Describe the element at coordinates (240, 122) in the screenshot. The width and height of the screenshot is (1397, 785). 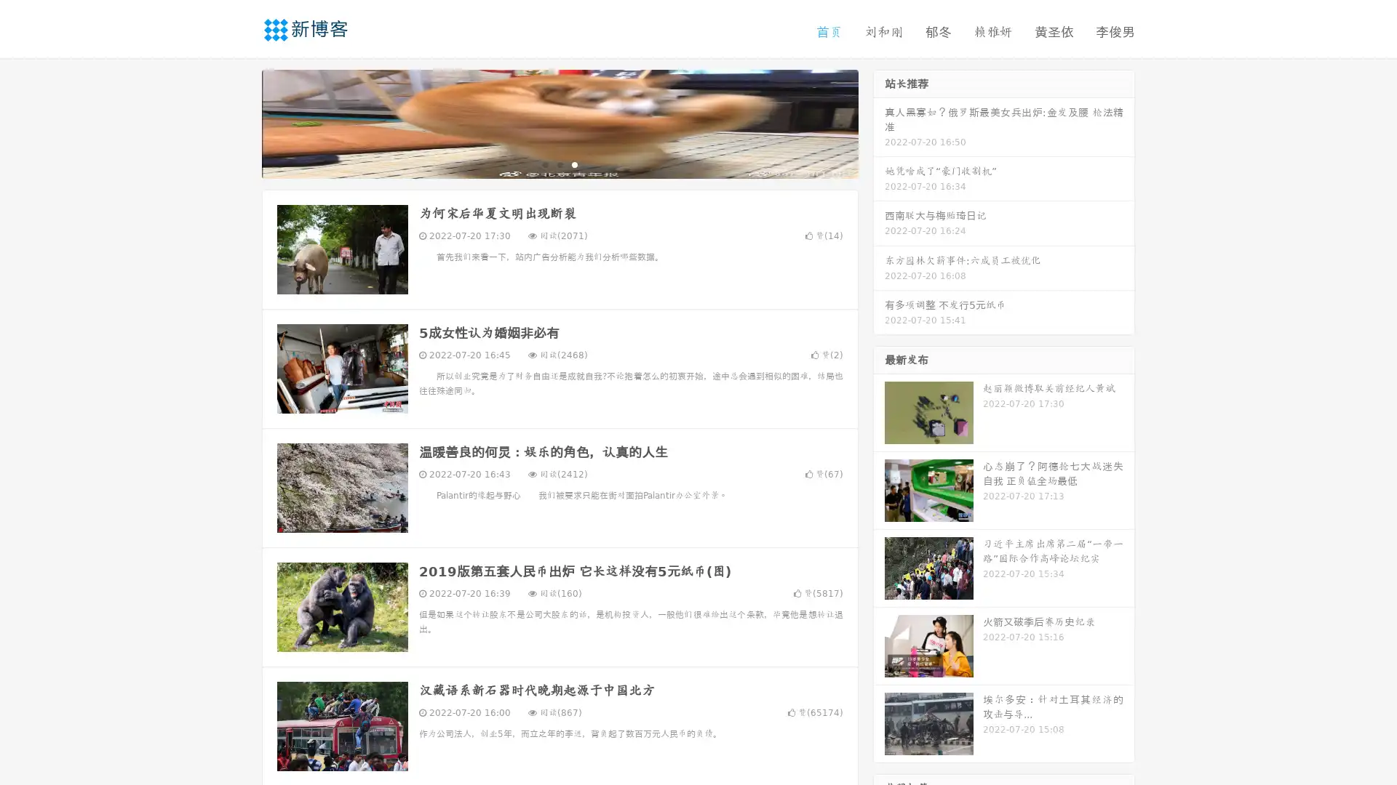
I see `Previous slide` at that location.